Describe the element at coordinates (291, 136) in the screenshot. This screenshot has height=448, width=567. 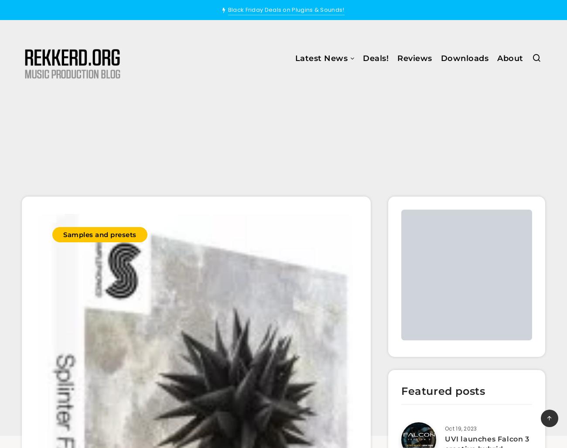
I see `'Samples and Presets'` at that location.